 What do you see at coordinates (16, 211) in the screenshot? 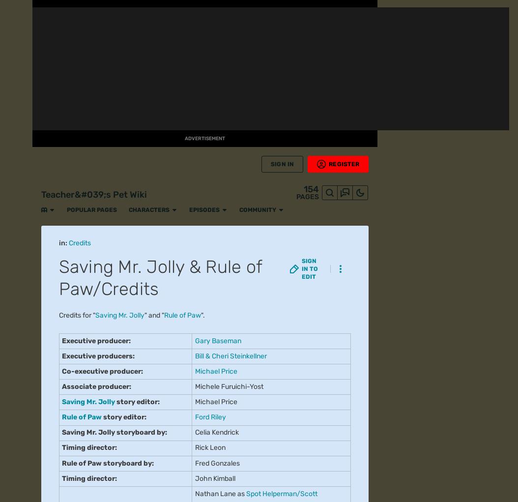
I see `'Movies'` at bounding box center [16, 211].